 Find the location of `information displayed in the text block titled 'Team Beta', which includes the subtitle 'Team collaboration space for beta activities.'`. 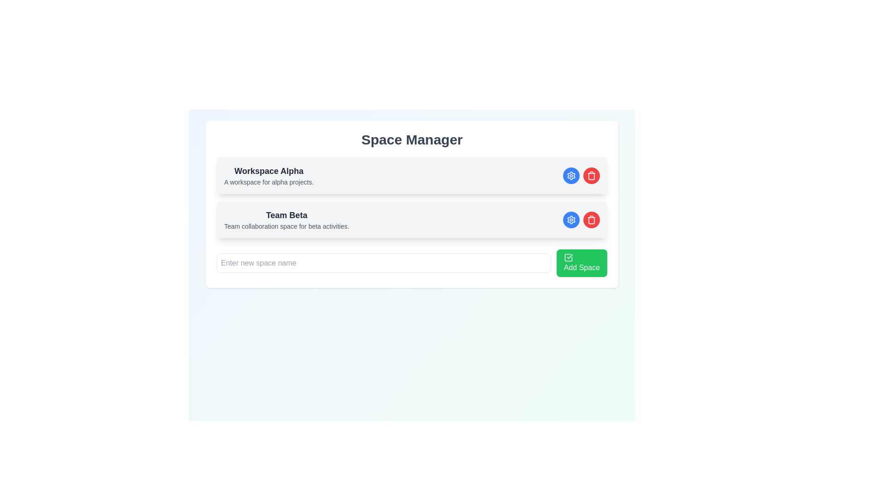

information displayed in the text block titled 'Team Beta', which includes the subtitle 'Team collaboration space for beta activities.' is located at coordinates (286, 220).